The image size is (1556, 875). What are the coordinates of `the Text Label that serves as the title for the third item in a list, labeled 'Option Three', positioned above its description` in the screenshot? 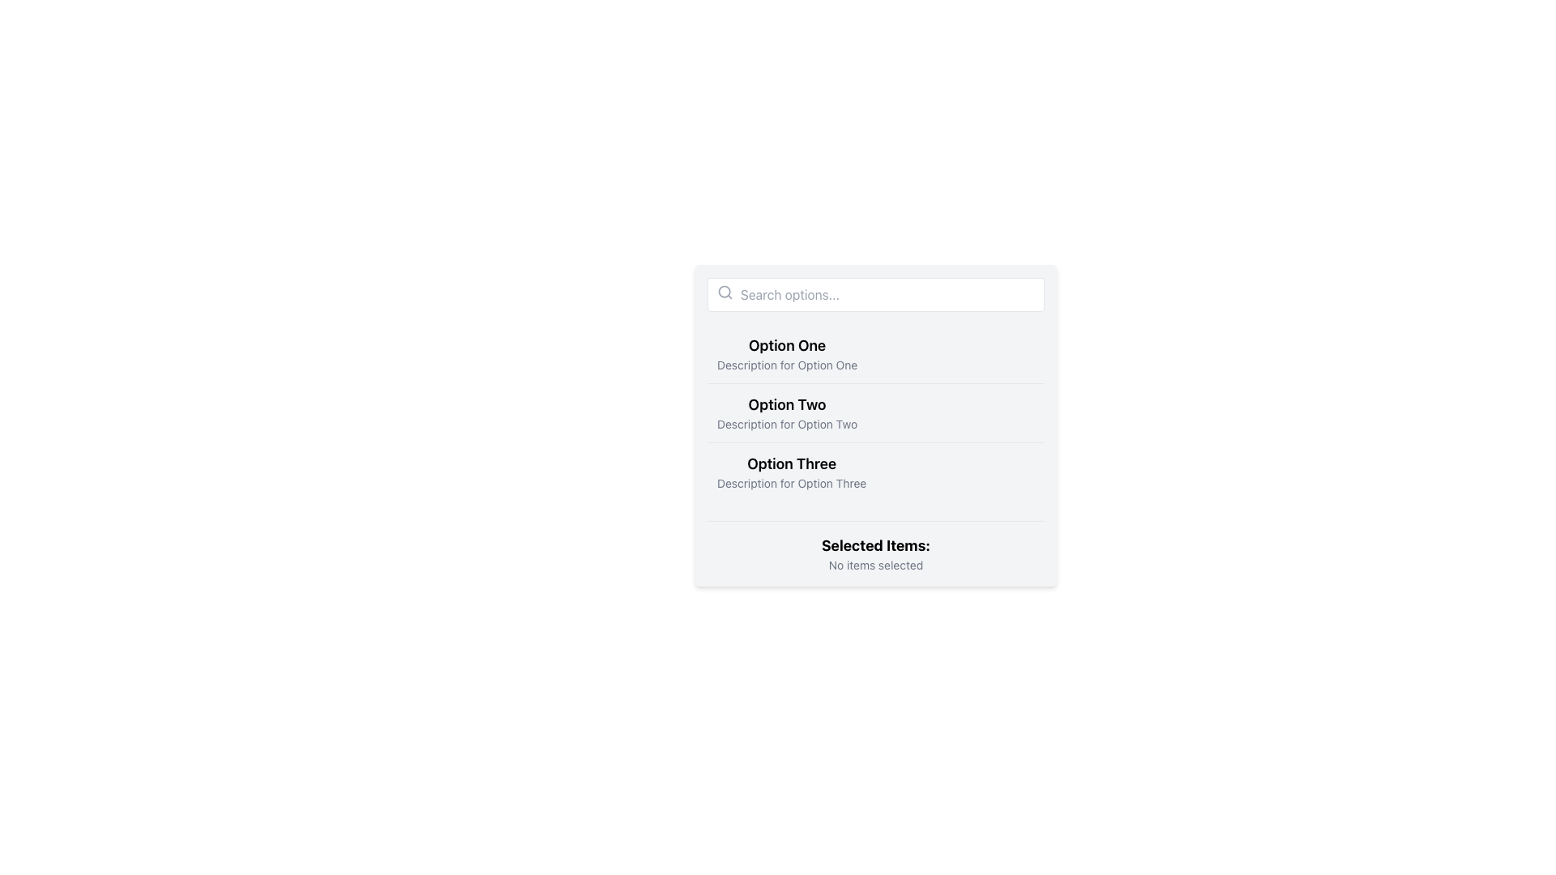 It's located at (792, 464).